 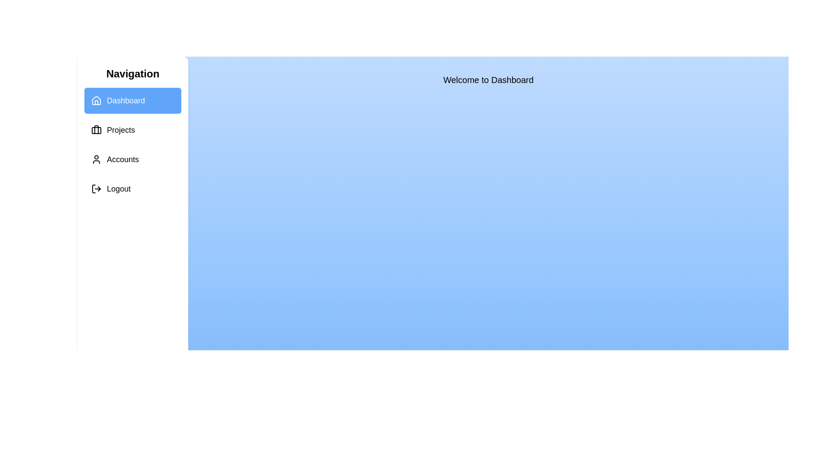 What do you see at coordinates (132, 160) in the screenshot?
I see `the menu item Accounts to navigate to the corresponding section` at bounding box center [132, 160].